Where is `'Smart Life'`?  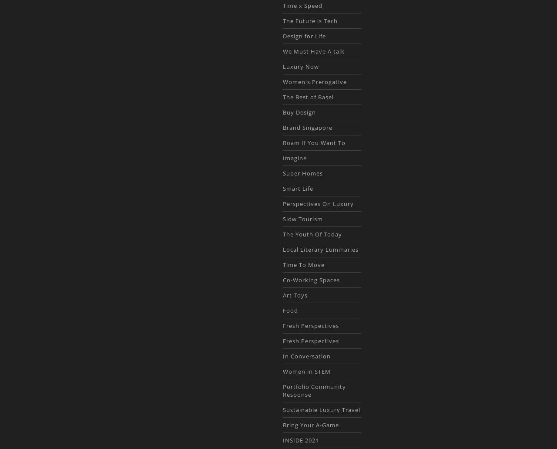
'Smart Life' is located at coordinates (298, 189).